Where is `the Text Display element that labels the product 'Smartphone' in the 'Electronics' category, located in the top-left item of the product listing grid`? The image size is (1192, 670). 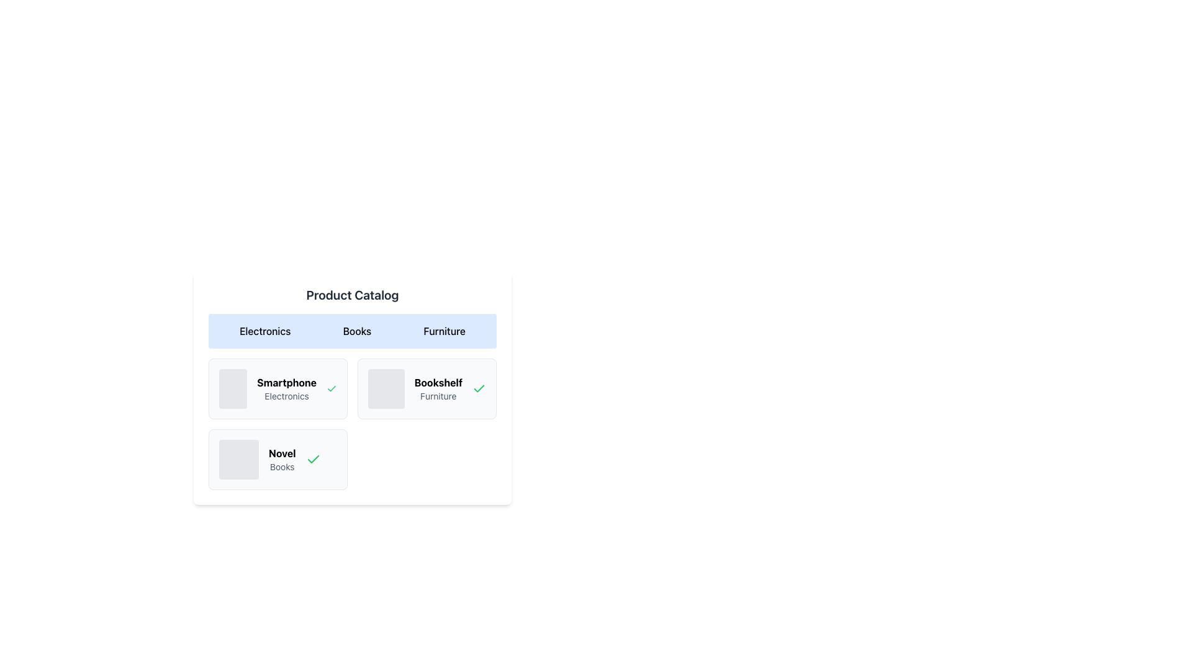
the Text Display element that labels the product 'Smartphone' in the 'Electronics' category, located in the top-left item of the product listing grid is located at coordinates (286, 388).